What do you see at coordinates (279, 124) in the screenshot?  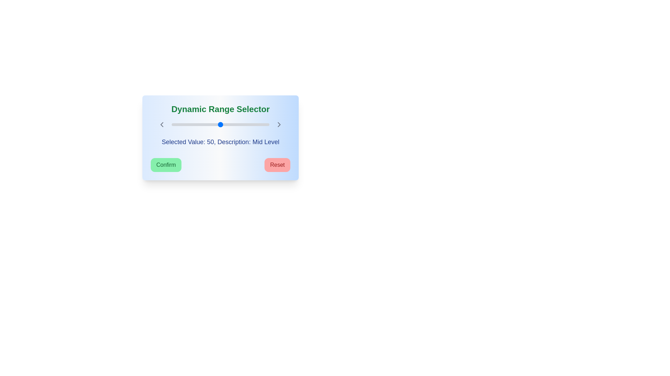 I see `the chevron right arrow SVG icon` at bounding box center [279, 124].